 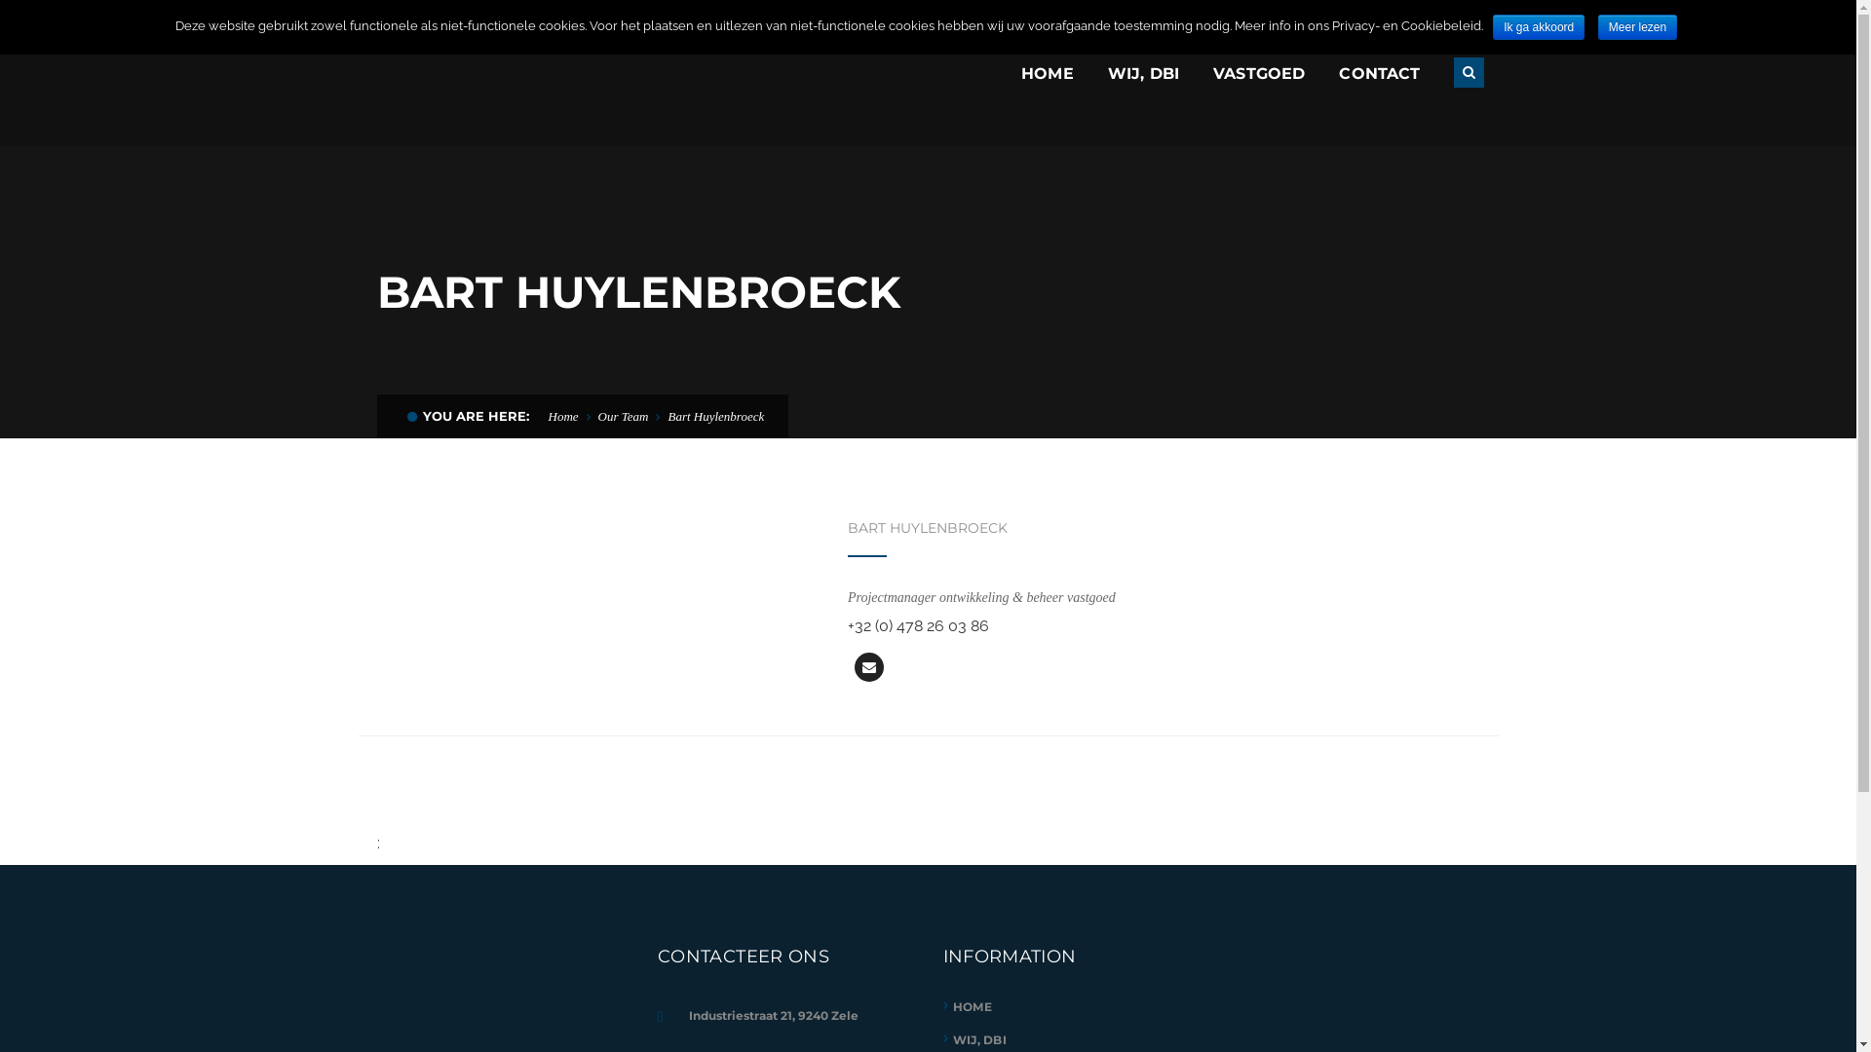 What do you see at coordinates (1637, 26) in the screenshot?
I see `'Meer lezen'` at bounding box center [1637, 26].